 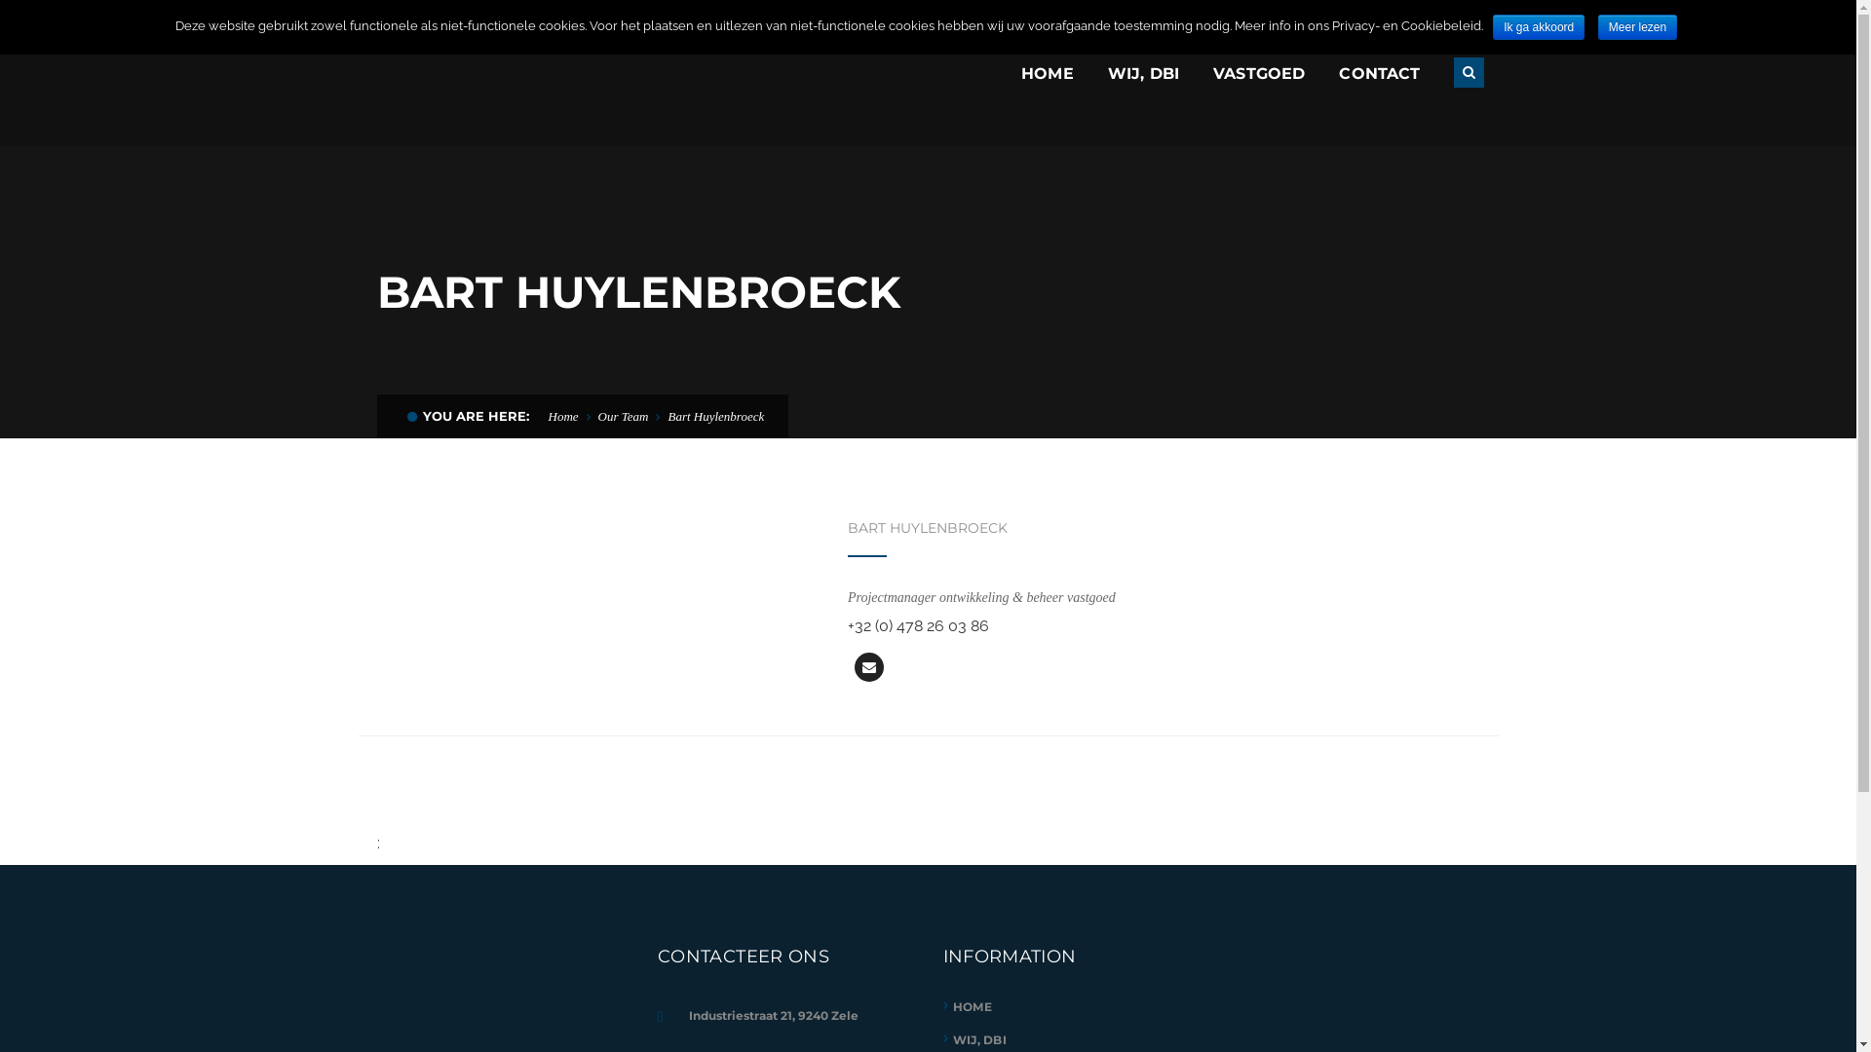 What do you see at coordinates (1637, 26) in the screenshot?
I see `'Meer lezen'` at bounding box center [1637, 26].